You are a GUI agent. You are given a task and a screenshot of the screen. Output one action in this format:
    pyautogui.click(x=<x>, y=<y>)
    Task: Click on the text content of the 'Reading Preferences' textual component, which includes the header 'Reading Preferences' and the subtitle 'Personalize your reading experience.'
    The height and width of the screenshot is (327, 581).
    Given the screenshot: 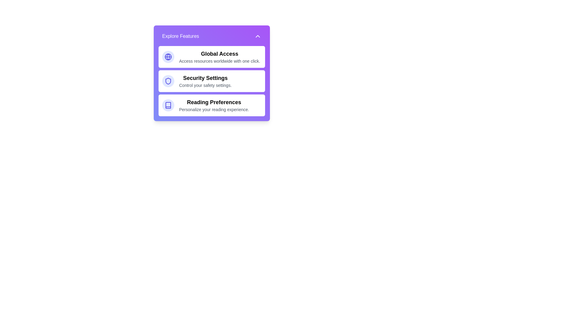 What is the action you would take?
    pyautogui.click(x=214, y=105)
    